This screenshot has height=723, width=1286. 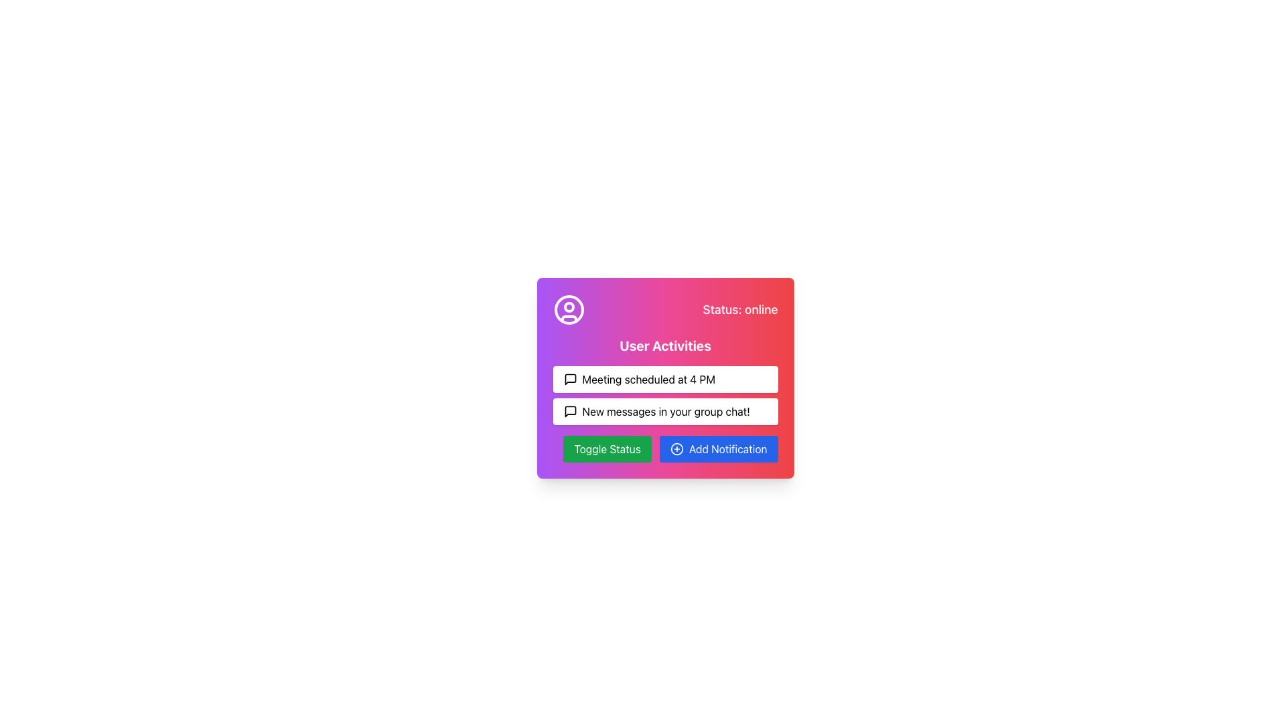 I want to click on the second notification card in the 'User Activities' section, which informs about new messages in the group chat, so click(x=665, y=410).